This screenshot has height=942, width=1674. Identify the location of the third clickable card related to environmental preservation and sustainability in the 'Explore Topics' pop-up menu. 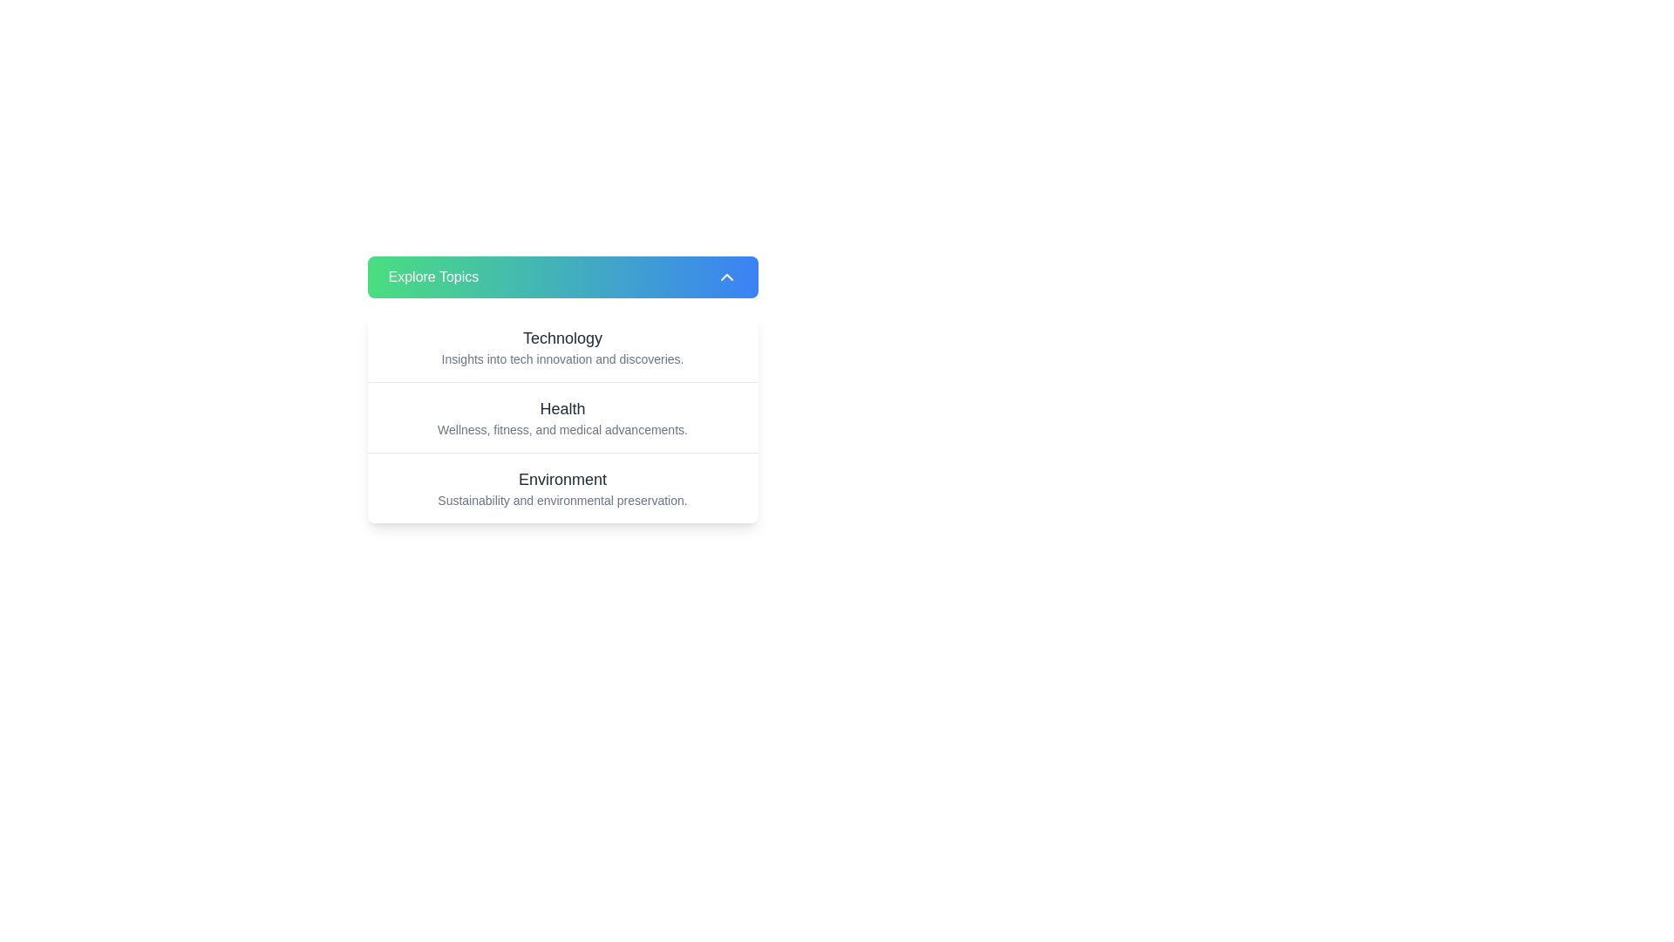
(562, 488).